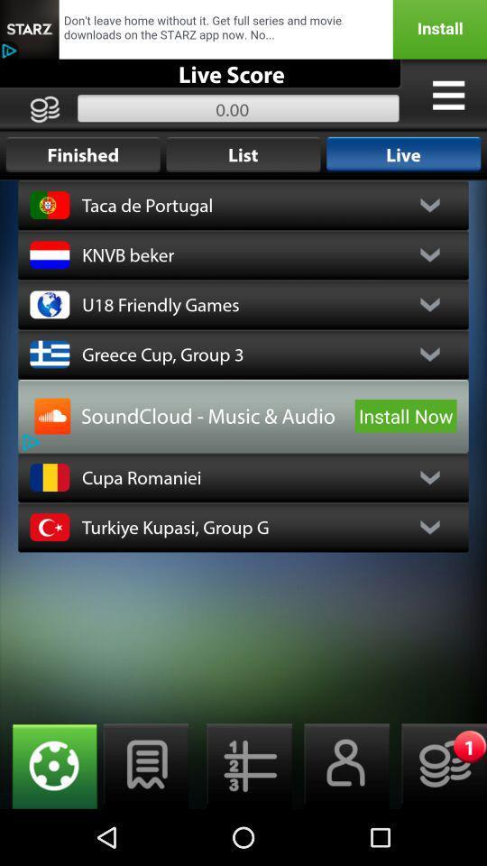 The height and width of the screenshot is (866, 487). Describe the element at coordinates (145, 820) in the screenshot. I see `the chat icon` at that location.